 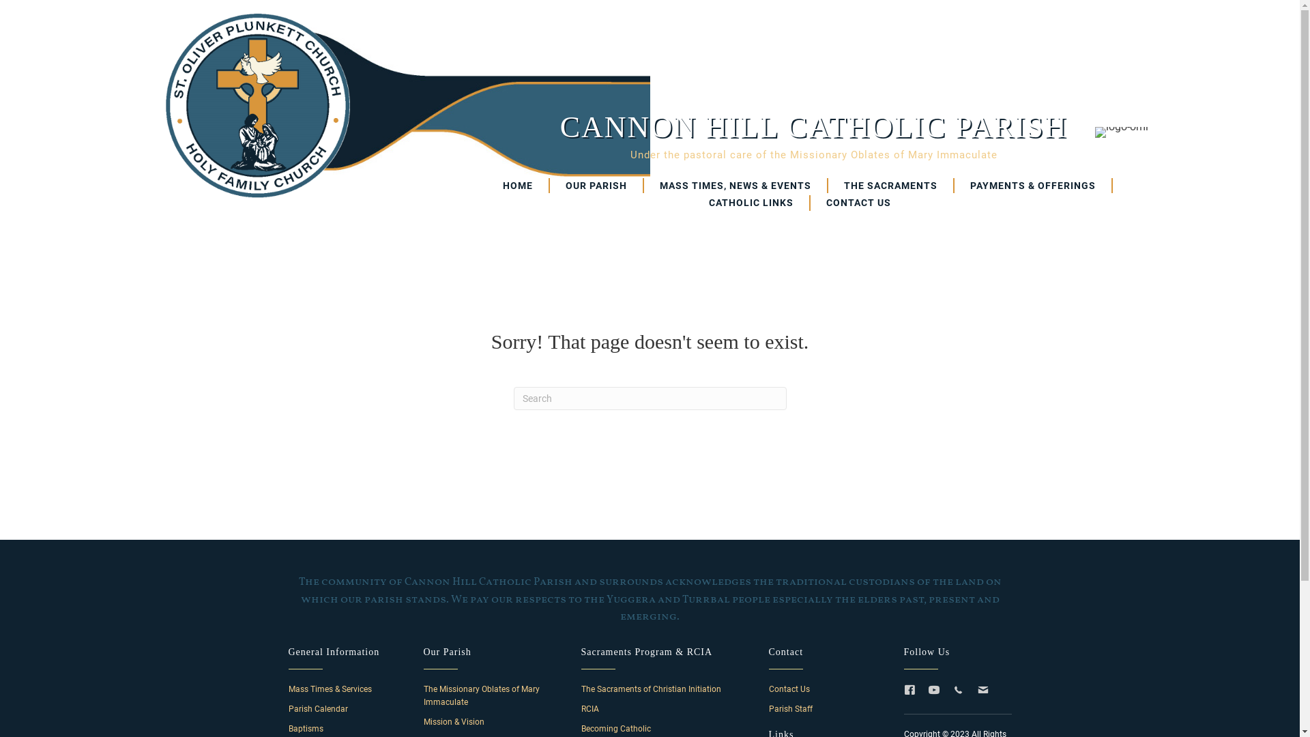 What do you see at coordinates (953, 186) in the screenshot?
I see `'PAYMENTS & OFFERINGS'` at bounding box center [953, 186].